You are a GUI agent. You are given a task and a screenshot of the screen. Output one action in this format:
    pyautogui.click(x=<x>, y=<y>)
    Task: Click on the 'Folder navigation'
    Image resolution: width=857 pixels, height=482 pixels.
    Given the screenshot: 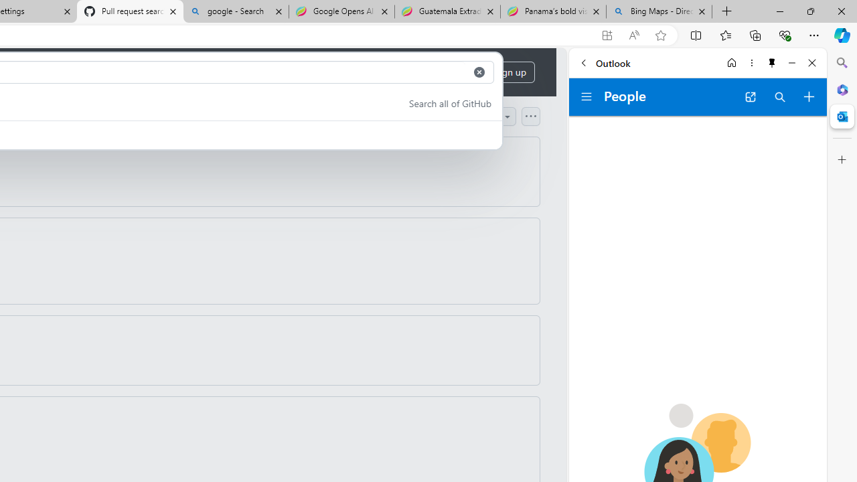 What is the action you would take?
    pyautogui.click(x=587, y=96)
    